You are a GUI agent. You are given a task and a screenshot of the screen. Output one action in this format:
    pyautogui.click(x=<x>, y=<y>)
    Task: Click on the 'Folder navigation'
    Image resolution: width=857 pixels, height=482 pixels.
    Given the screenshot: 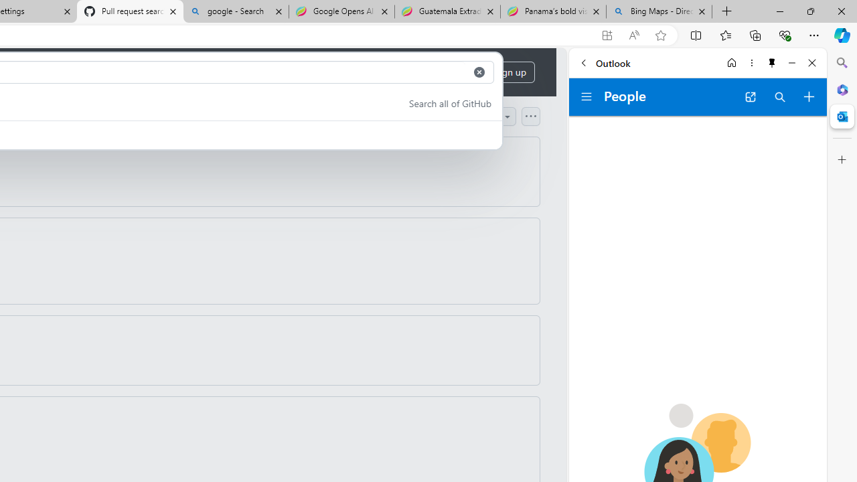 What is the action you would take?
    pyautogui.click(x=587, y=96)
    